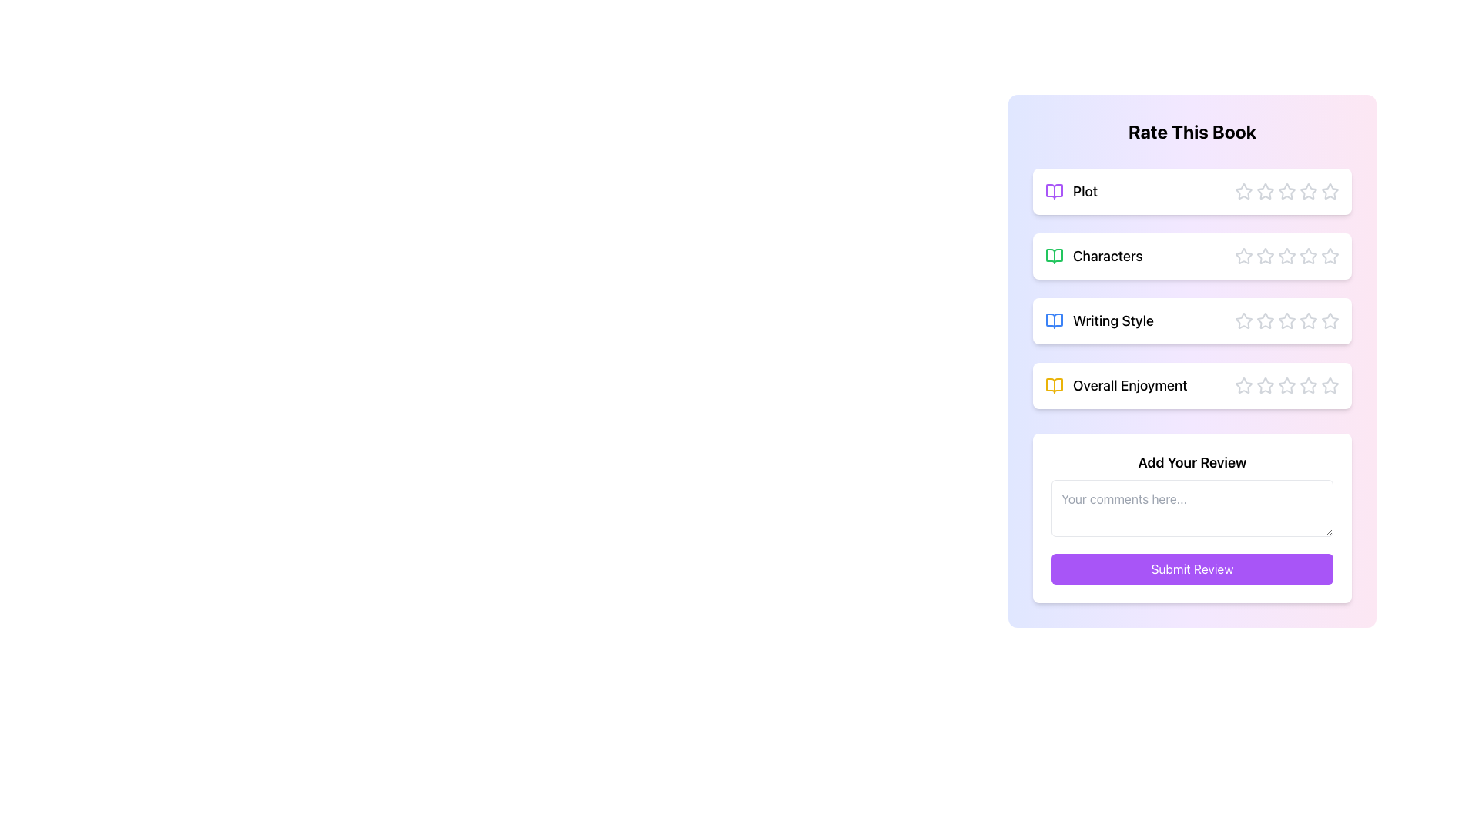 This screenshot has height=832, width=1479. What do you see at coordinates (1286, 385) in the screenshot?
I see `the third star icon in the 'Overall Enjoyment' section of the 'Rate This Book' interface` at bounding box center [1286, 385].